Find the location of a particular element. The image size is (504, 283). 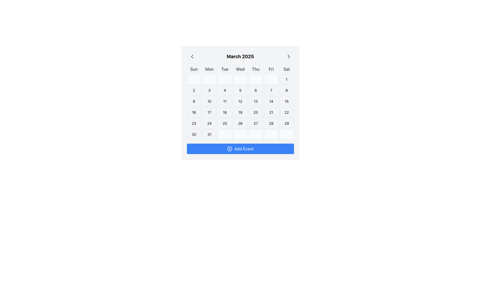

the button labeled '8' in black, which is part of the grid-based calendar layout, located in the second row and fourth column is located at coordinates (286, 90).